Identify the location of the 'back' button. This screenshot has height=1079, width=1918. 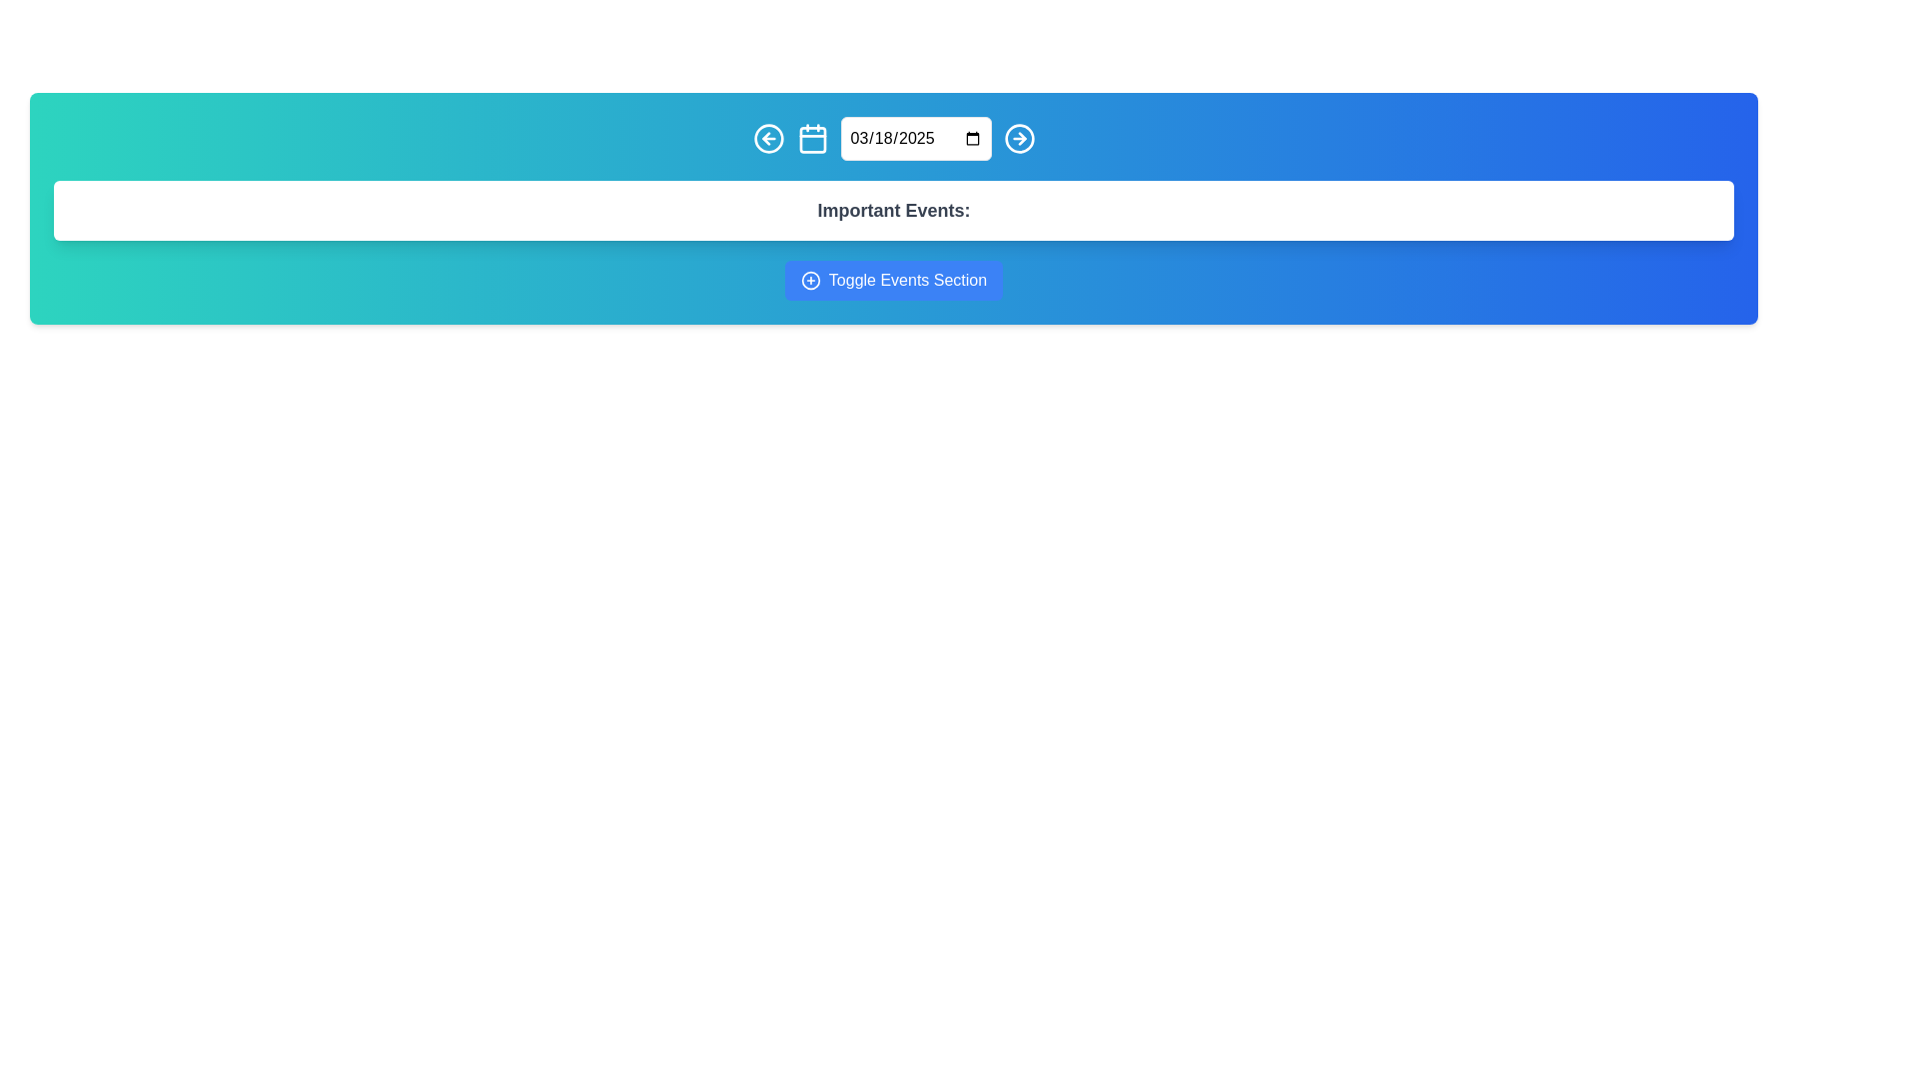
(767, 137).